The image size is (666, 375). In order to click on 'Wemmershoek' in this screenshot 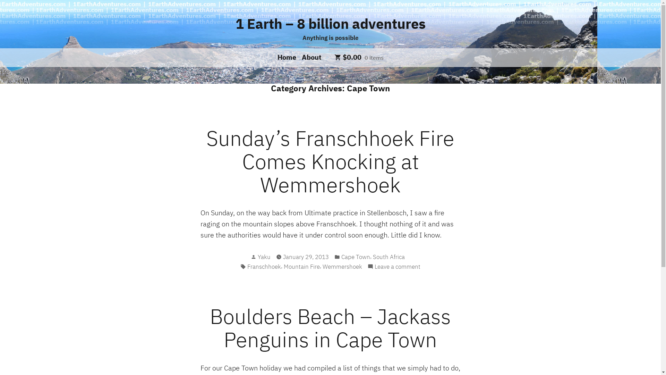, I will do `click(322, 266)`.